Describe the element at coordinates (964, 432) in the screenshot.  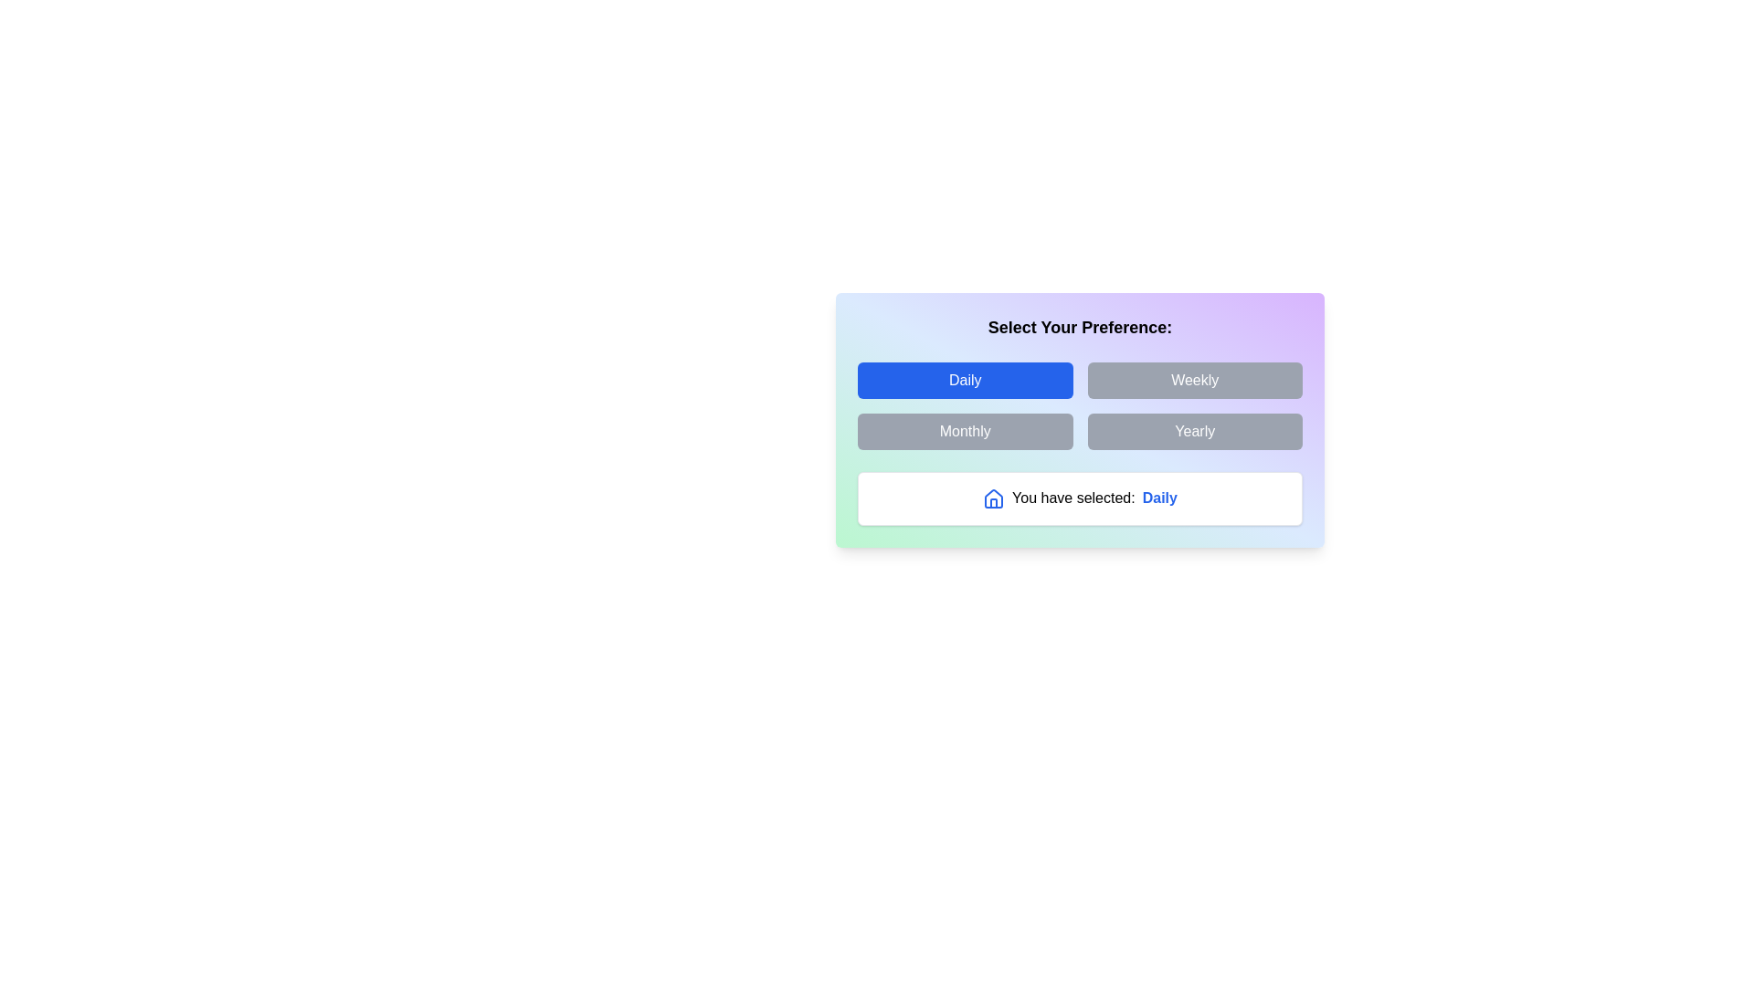
I see `the 'Monthly' button, which is the third button in the grid under the heading 'Select Your Preference:', positioned below the 'Daily' button and to the left of the 'Yearly' button` at that location.